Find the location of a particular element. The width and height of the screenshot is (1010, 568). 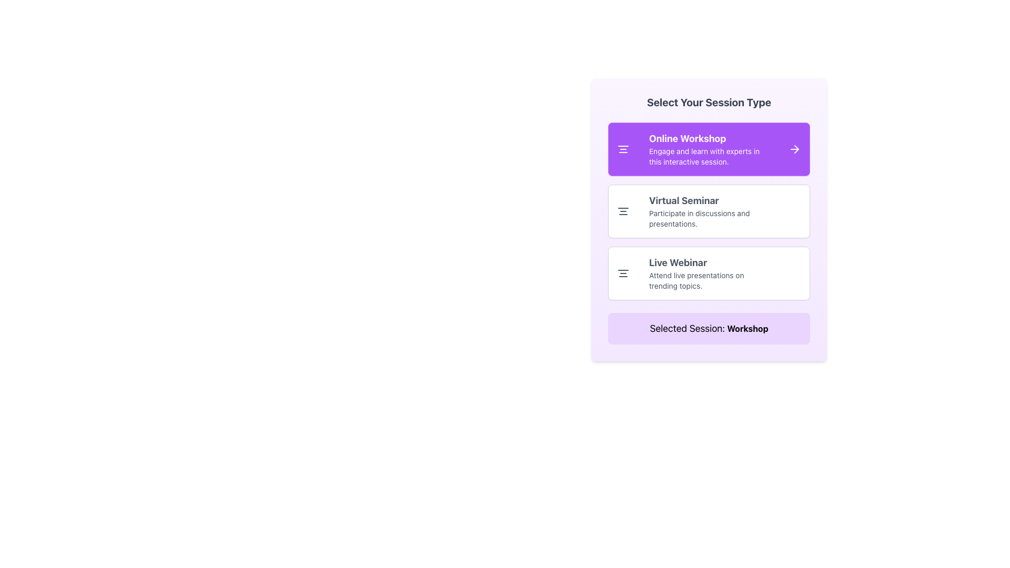

the Arrow icon located at the right edge of the box labeled 'Online Workshop', which indicates a forward action for more details or selection confirmation is located at coordinates (795, 149).